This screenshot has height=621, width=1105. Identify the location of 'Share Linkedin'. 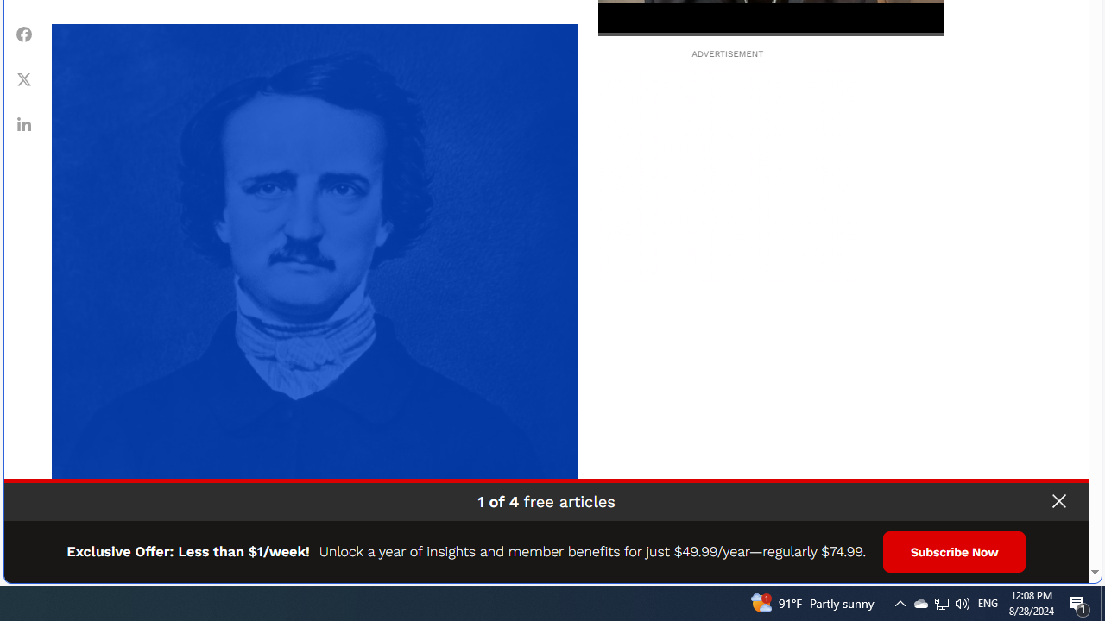
(24, 122).